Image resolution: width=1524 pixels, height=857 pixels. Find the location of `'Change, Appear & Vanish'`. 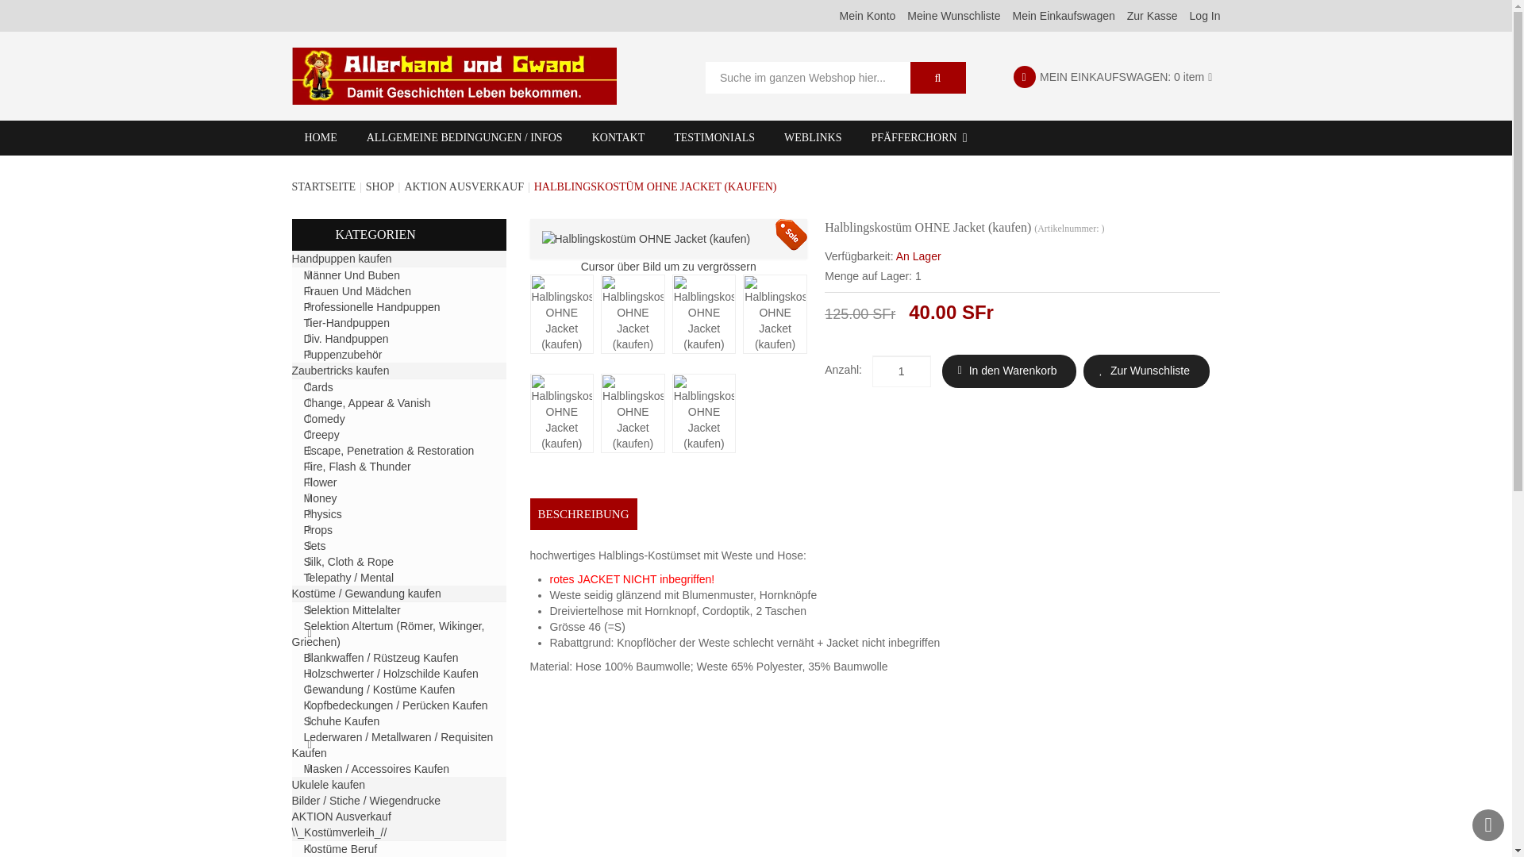

'Change, Appear & Vanish' is located at coordinates (365, 402).